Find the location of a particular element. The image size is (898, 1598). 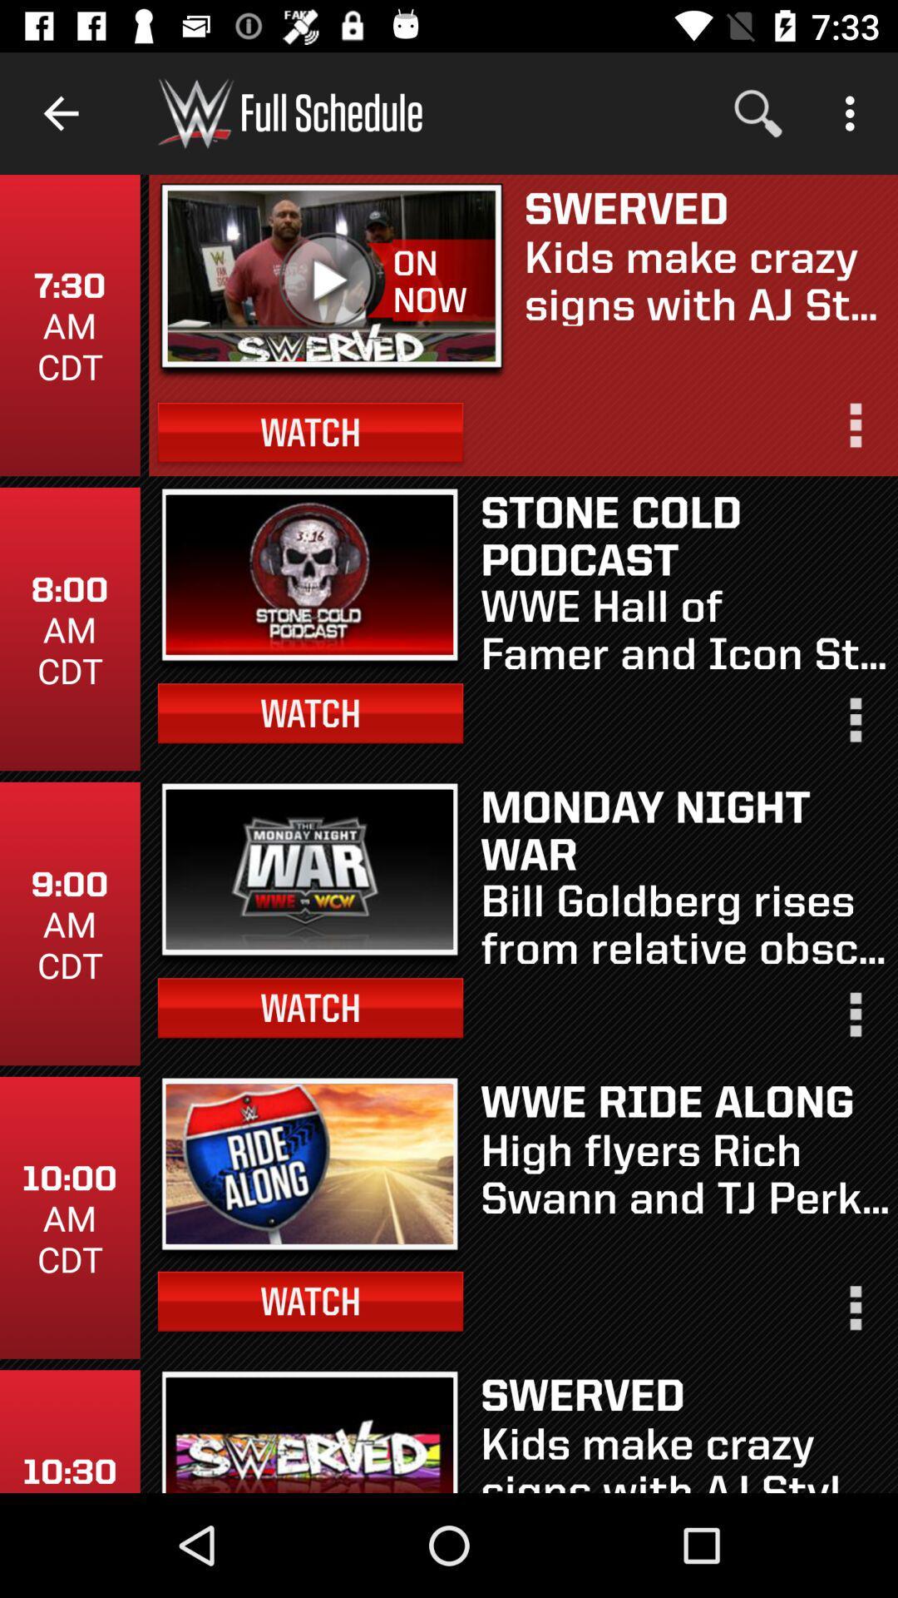

drop down for more options is located at coordinates (854, 1020).